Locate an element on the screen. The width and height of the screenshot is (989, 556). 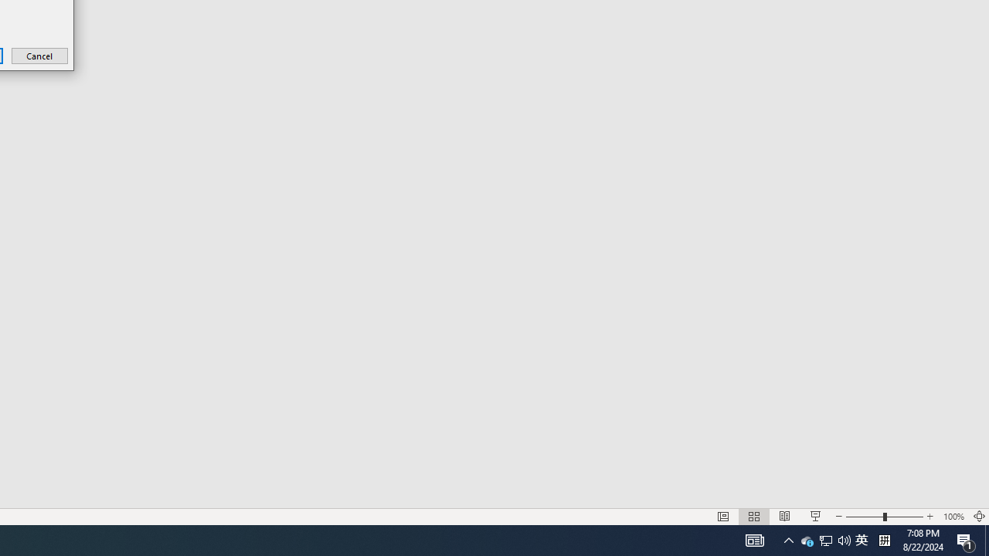
'Action Center, 1 new notification' is located at coordinates (966, 539).